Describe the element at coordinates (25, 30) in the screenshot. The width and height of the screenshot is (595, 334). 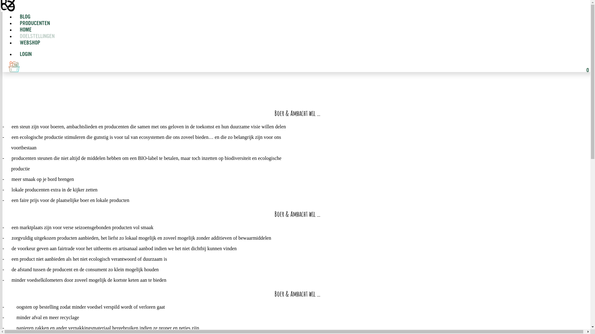
I see `'HOME'` at that location.